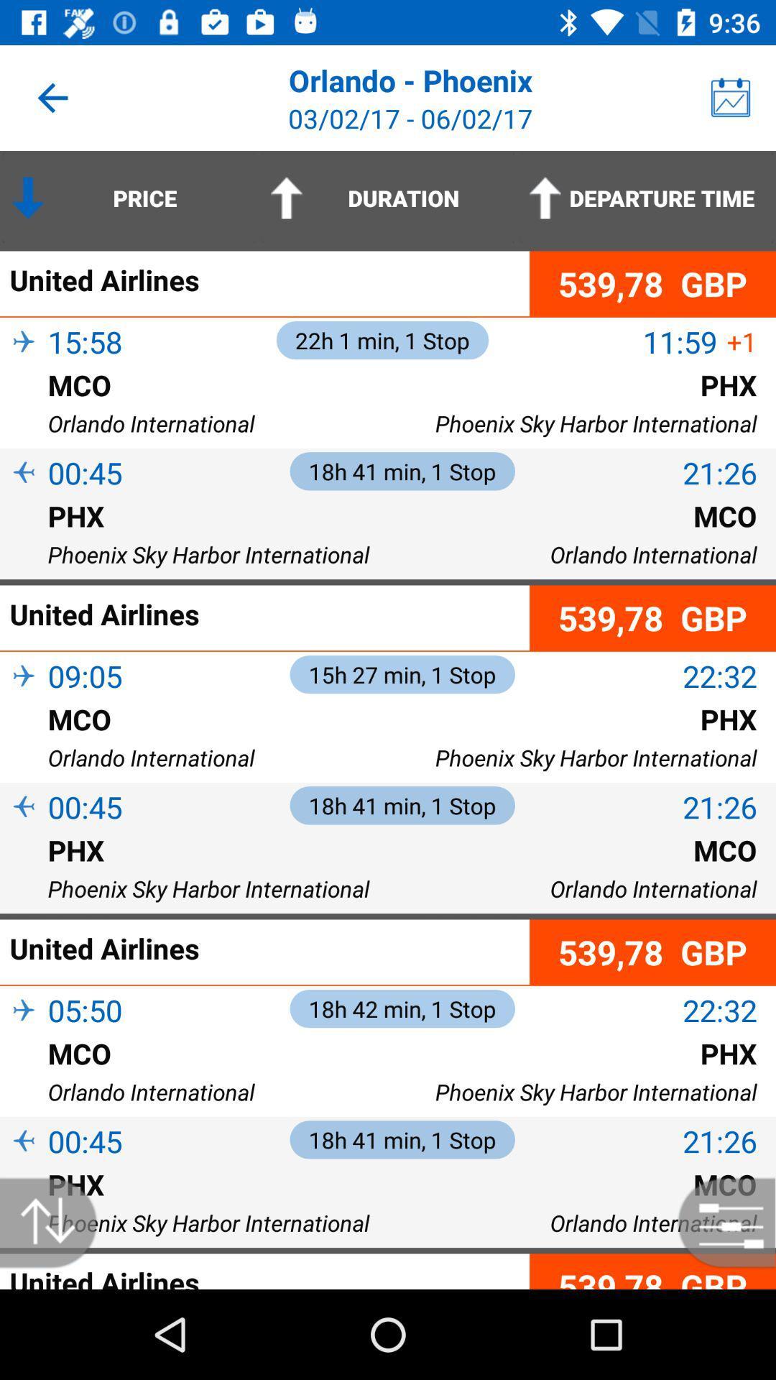  Describe the element at coordinates (679, 341) in the screenshot. I see `item next to the united airlines` at that location.